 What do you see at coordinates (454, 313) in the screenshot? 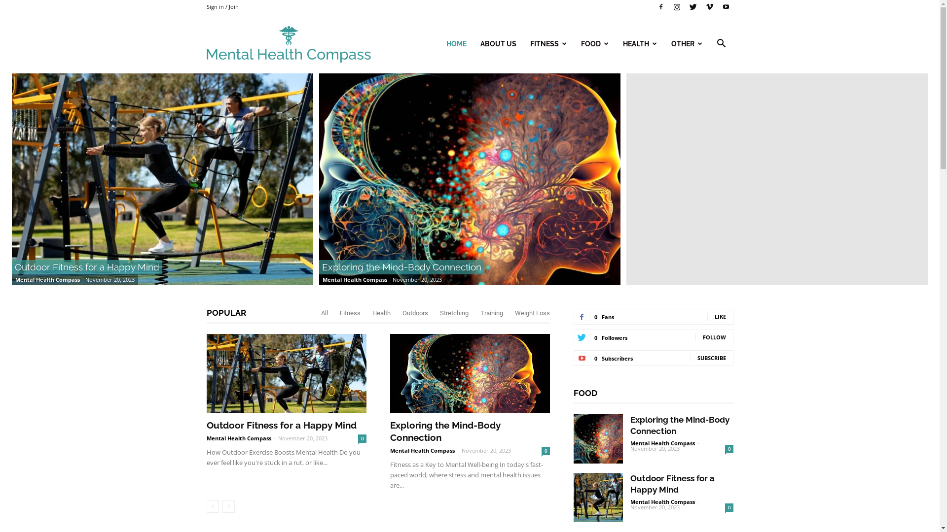
I see `'Stretching'` at bounding box center [454, 313].